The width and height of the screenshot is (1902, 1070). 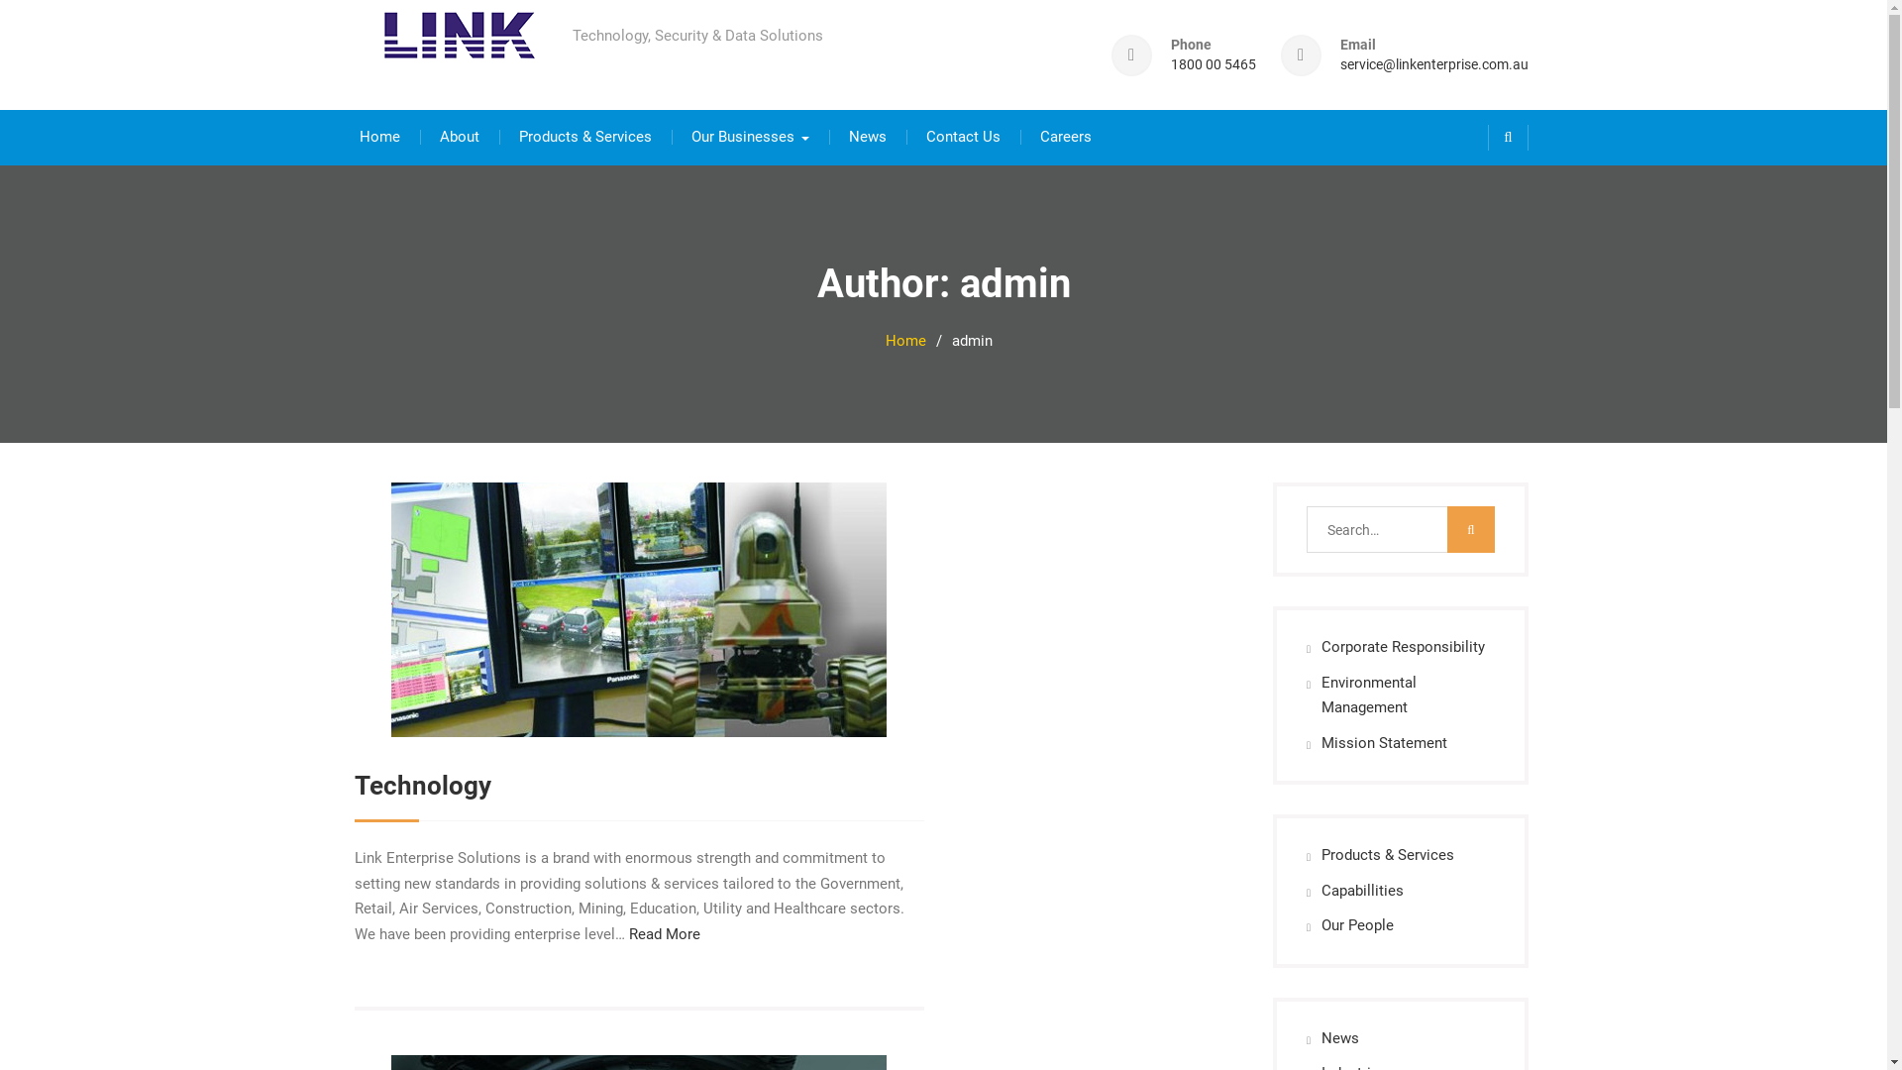 What do you see at coordinates (459, 136) in the screenshot?
I see `'About'` at bounding box center [459, 136].